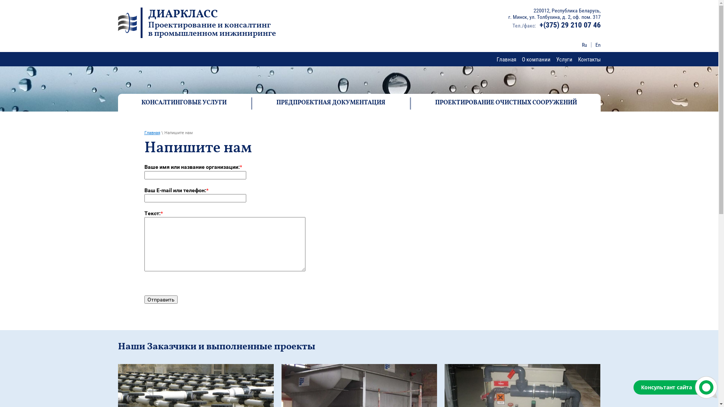  Describe the element at coordinates (570, 24) in the screenshot. I see `'+(375) 29 210 07 46'` at that location.